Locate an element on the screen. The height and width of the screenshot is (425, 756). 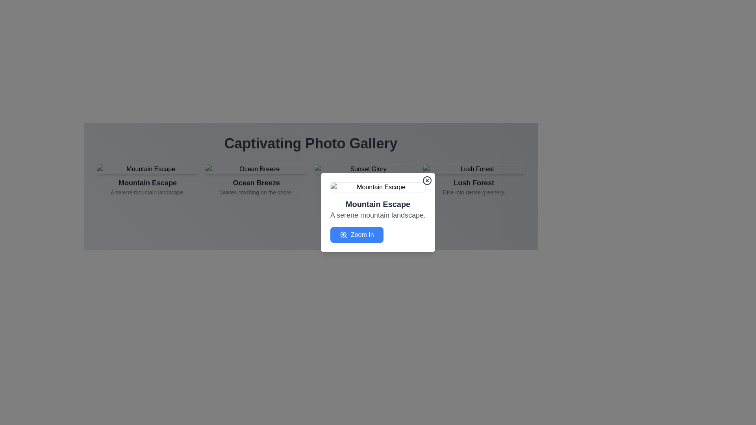
the large, bold heading text 'Captivating Photo Gallery' is located at coordinates (310, 144).